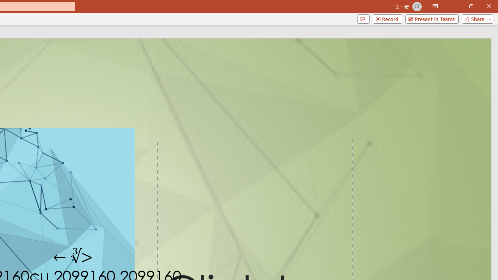 This screenshot has height=280, width=498. What do you see at coordinates (431, 18) in the screenshot?
I see `'Present in Teams'` at bounding box center [431, 18].